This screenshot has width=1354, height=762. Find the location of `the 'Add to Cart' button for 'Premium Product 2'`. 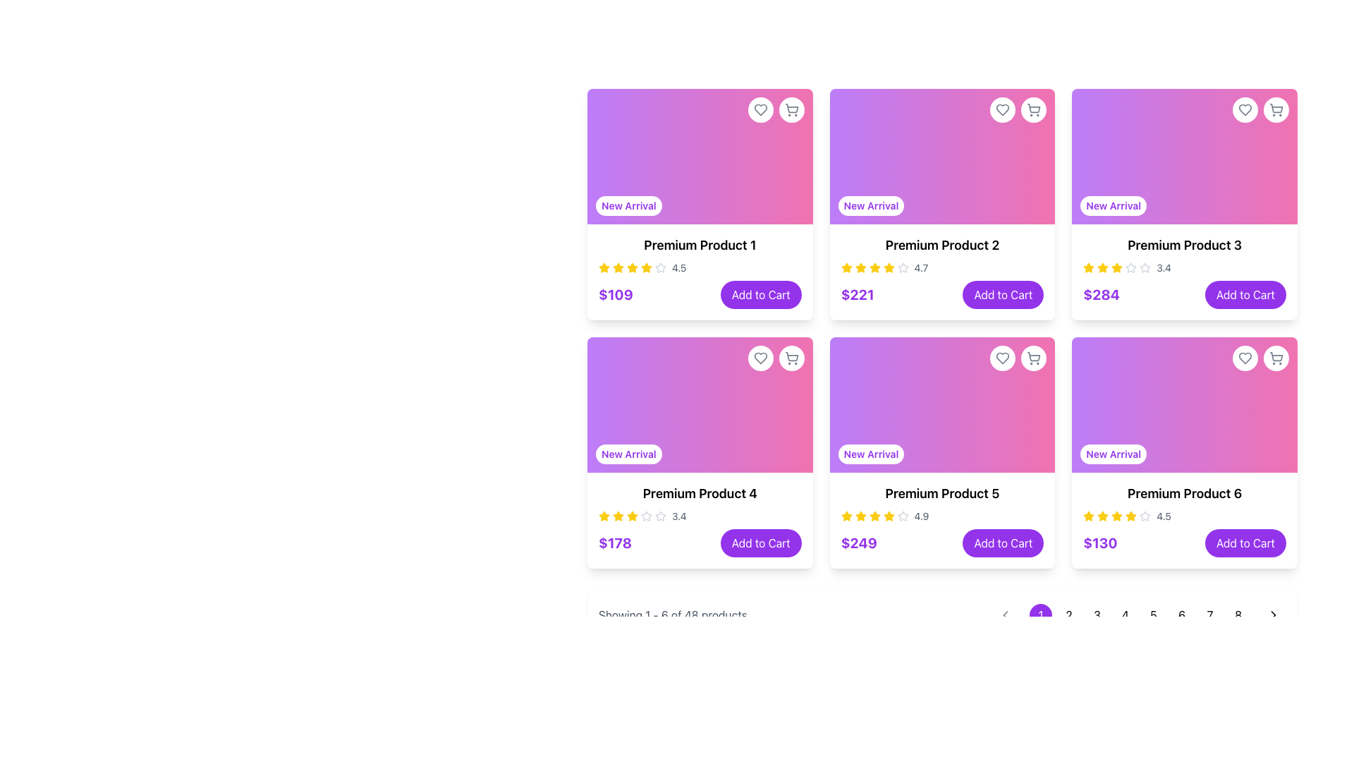

the 'Add to Cart' button for 'Premium Product 2' is located at coordinates (1002, 294).